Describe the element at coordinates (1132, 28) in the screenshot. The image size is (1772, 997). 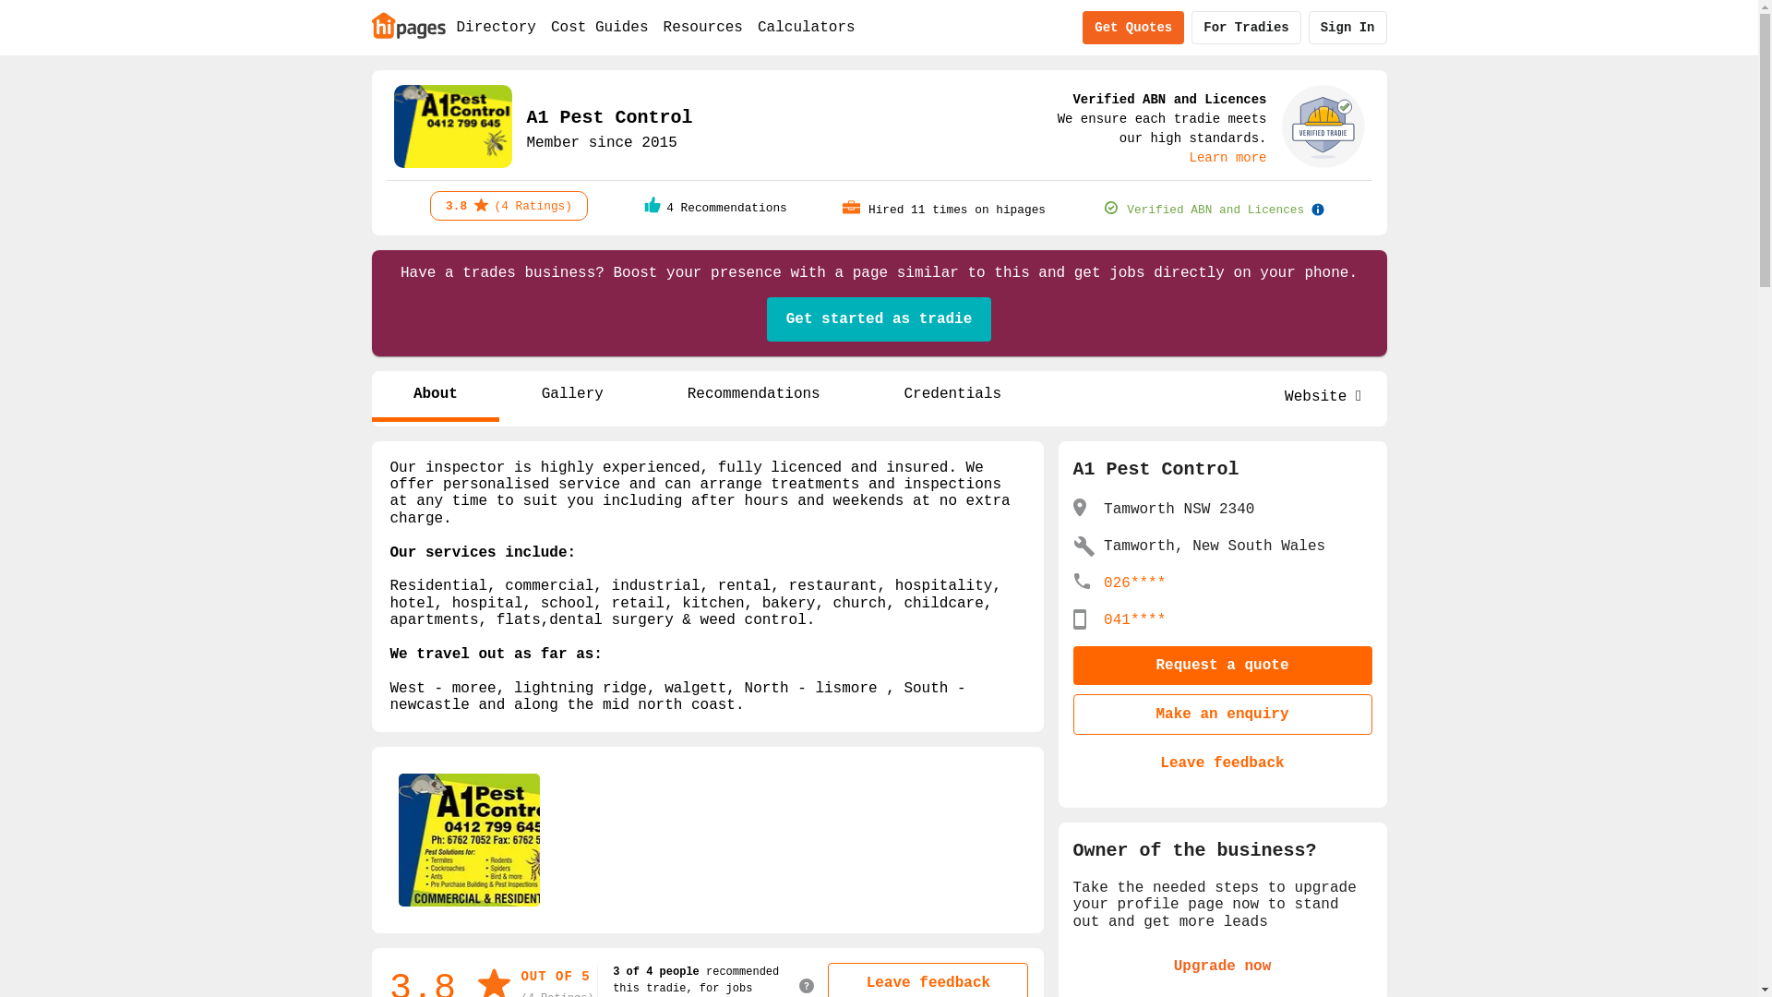
I see `'Get Quotes'` at that location.